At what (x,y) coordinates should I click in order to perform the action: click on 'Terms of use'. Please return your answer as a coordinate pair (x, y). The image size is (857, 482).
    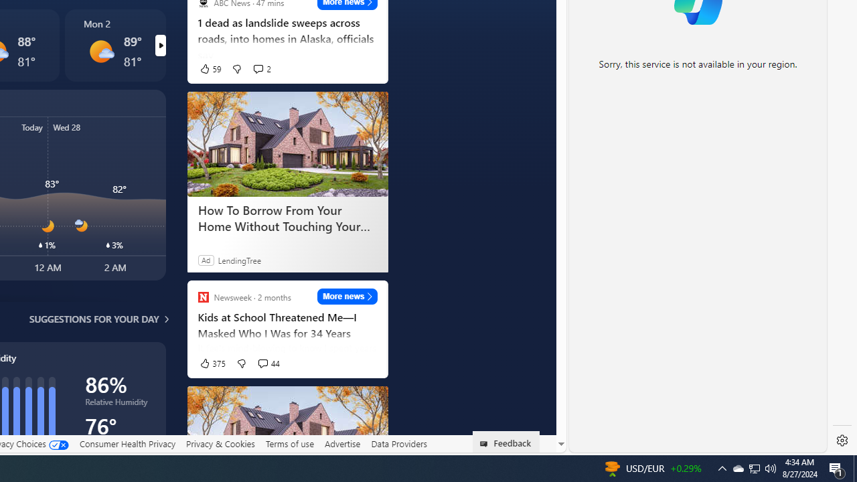
    Looking at the image, I should click on (289, 444).